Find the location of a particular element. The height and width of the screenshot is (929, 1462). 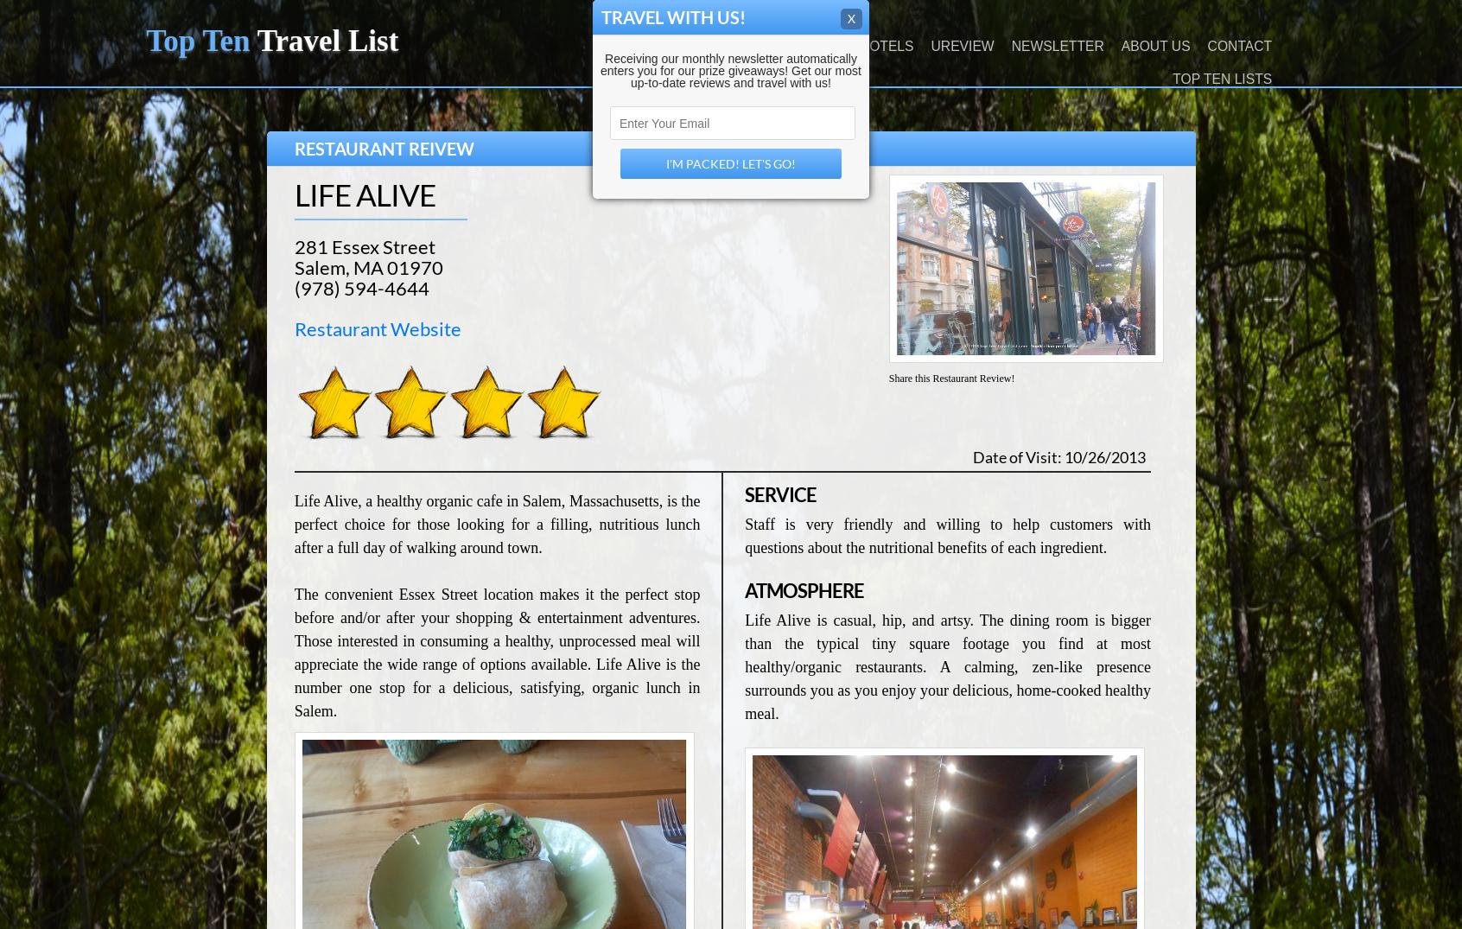

'Travel With Us!' is located at coordinates (672, 16).